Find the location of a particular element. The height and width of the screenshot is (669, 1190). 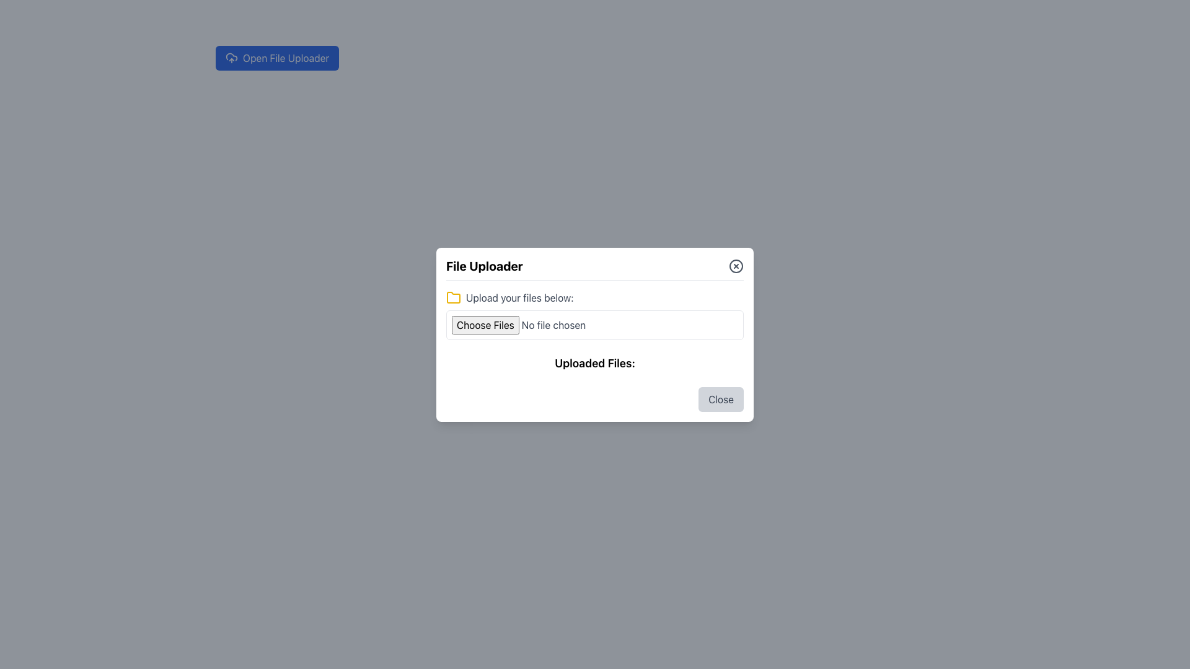

the circular graphical icon component with a cross inside, located in the top-right corner of the 'File Uploader' modal is located at coordinates (736, 265).